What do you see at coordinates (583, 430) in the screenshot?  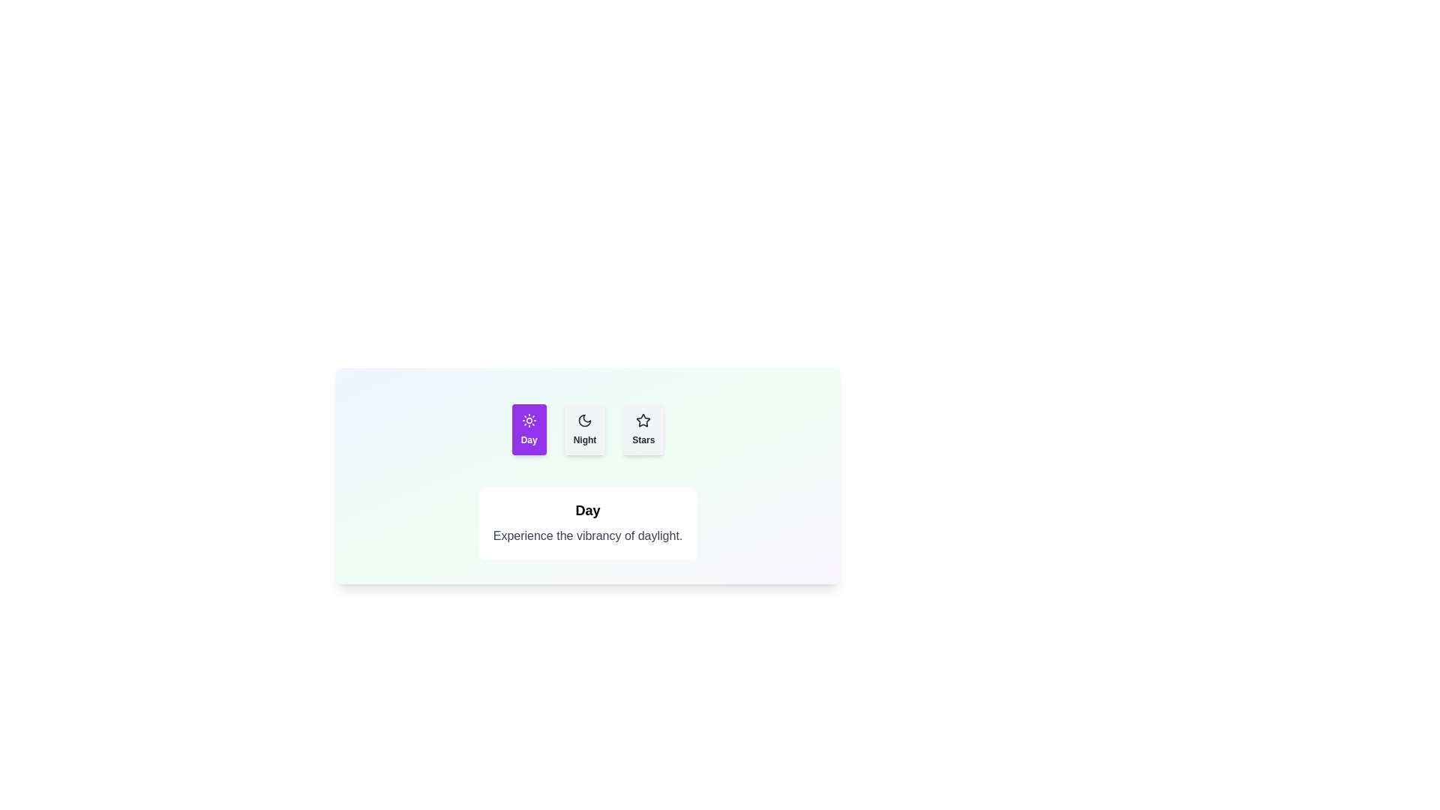 I see `the Night tab by clicking on its button` at bounding box center [583, 430].